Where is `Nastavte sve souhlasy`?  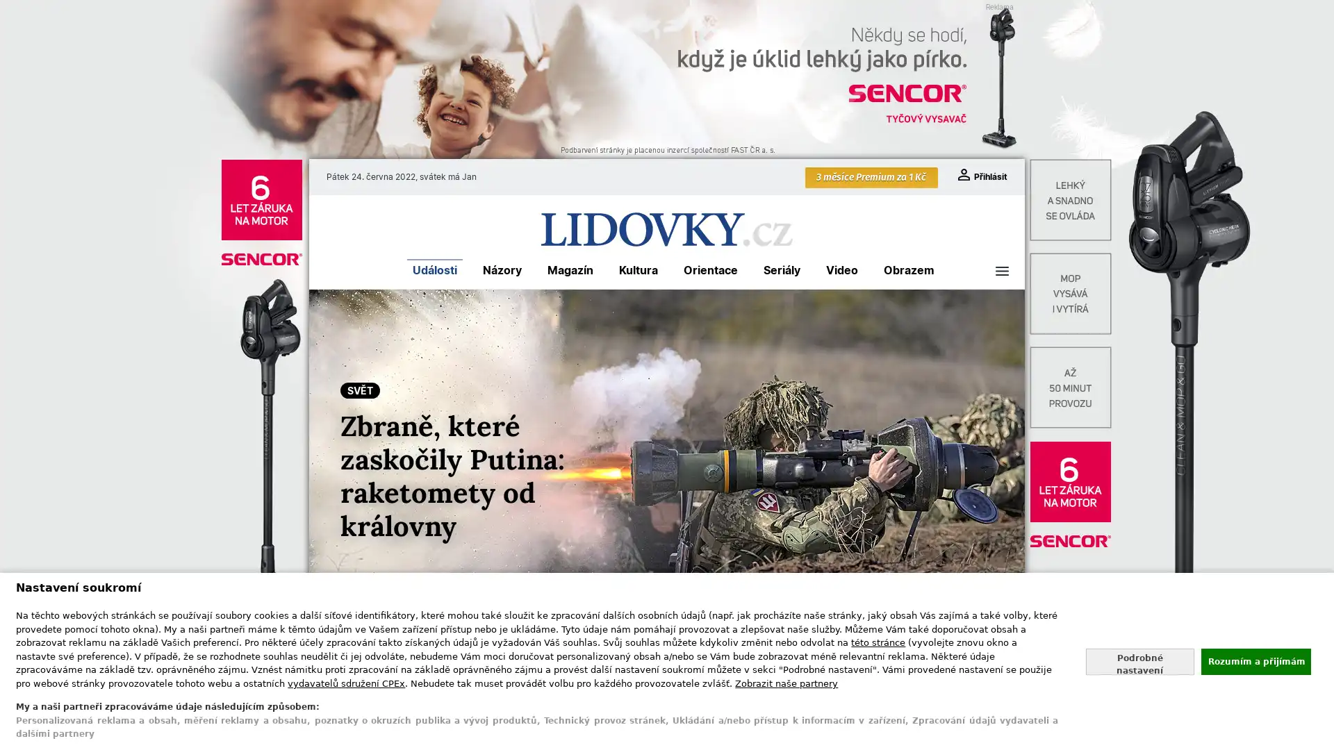
Nastavte sve souhlasy is located at coordinates (1139, 660).